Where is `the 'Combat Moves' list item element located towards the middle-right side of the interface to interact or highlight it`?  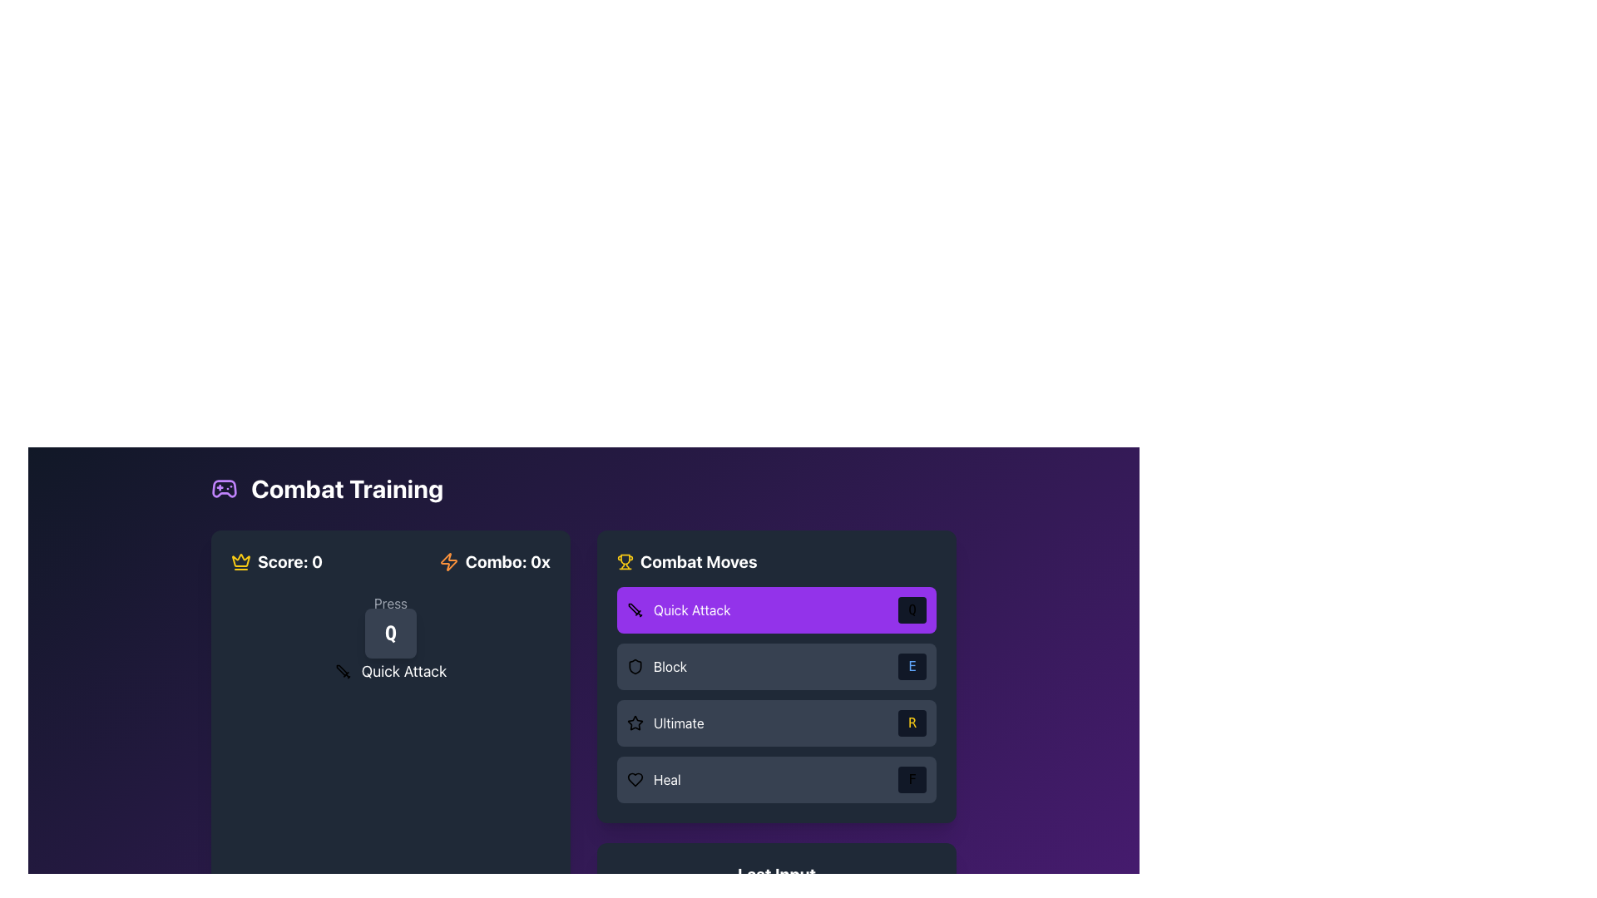
the 'Combat Moves' list item element located towards the middle-right side of the interface to interact or highlight it is located at coordinates (776, 676).